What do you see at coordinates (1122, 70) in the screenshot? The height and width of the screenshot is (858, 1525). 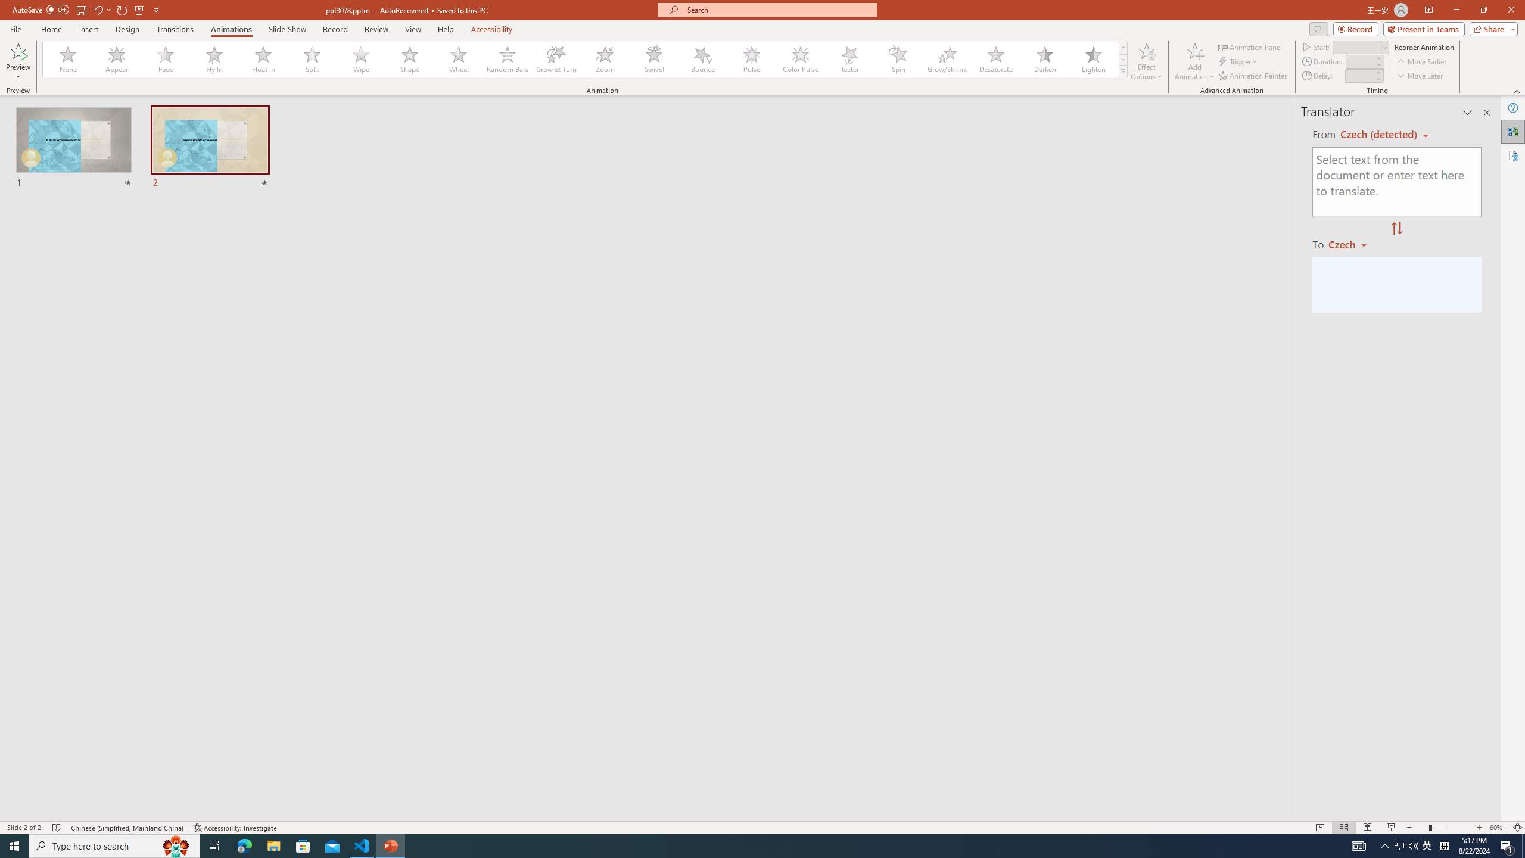 I see `'Animation Styles'` at bounding box center [1122, 70].